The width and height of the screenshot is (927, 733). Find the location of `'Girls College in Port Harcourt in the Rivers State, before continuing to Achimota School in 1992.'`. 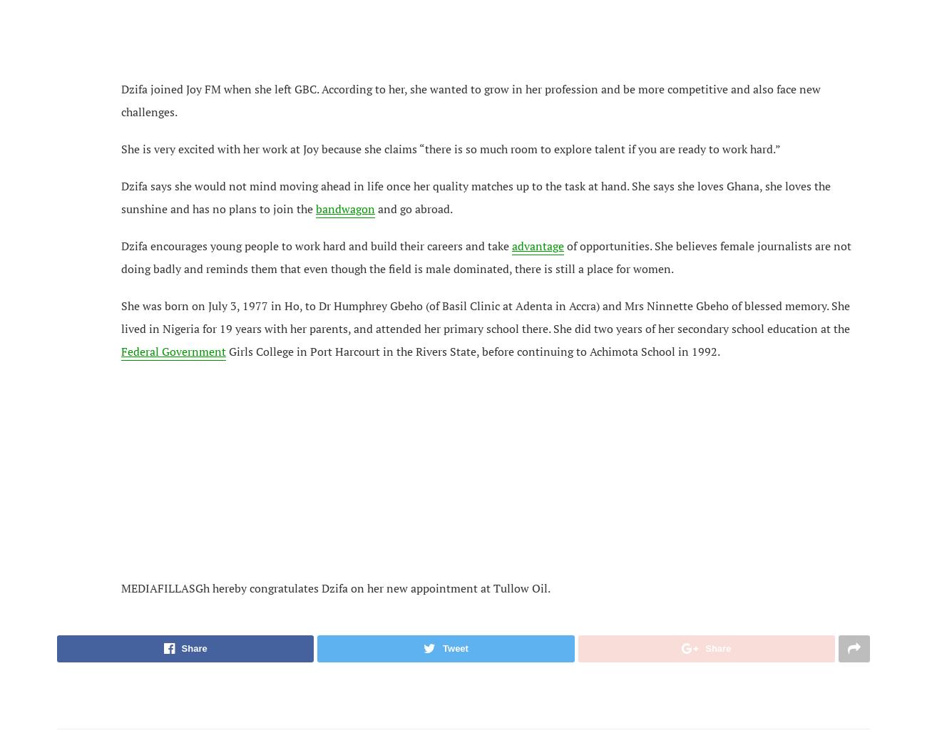

'Girls College in Port Harcourt in the Rivers State, before continuing to Achimota School in 1992.' is located at coordinates (225, 350).